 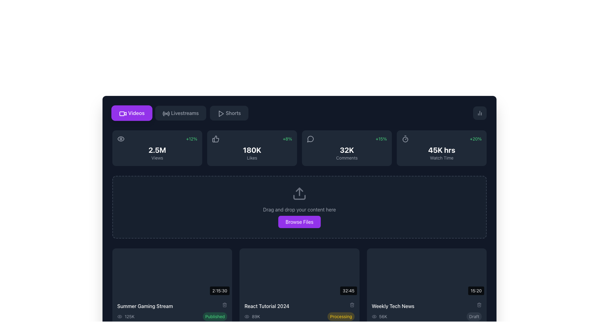 What do you see at coordinates (347, 152) in the screenshot?
I see `the text-based informational block displaying '32K' in bold white font above 'Comments', which is centrally aligned and positioned in the dashboard layout` at bounding box center [347, 152].